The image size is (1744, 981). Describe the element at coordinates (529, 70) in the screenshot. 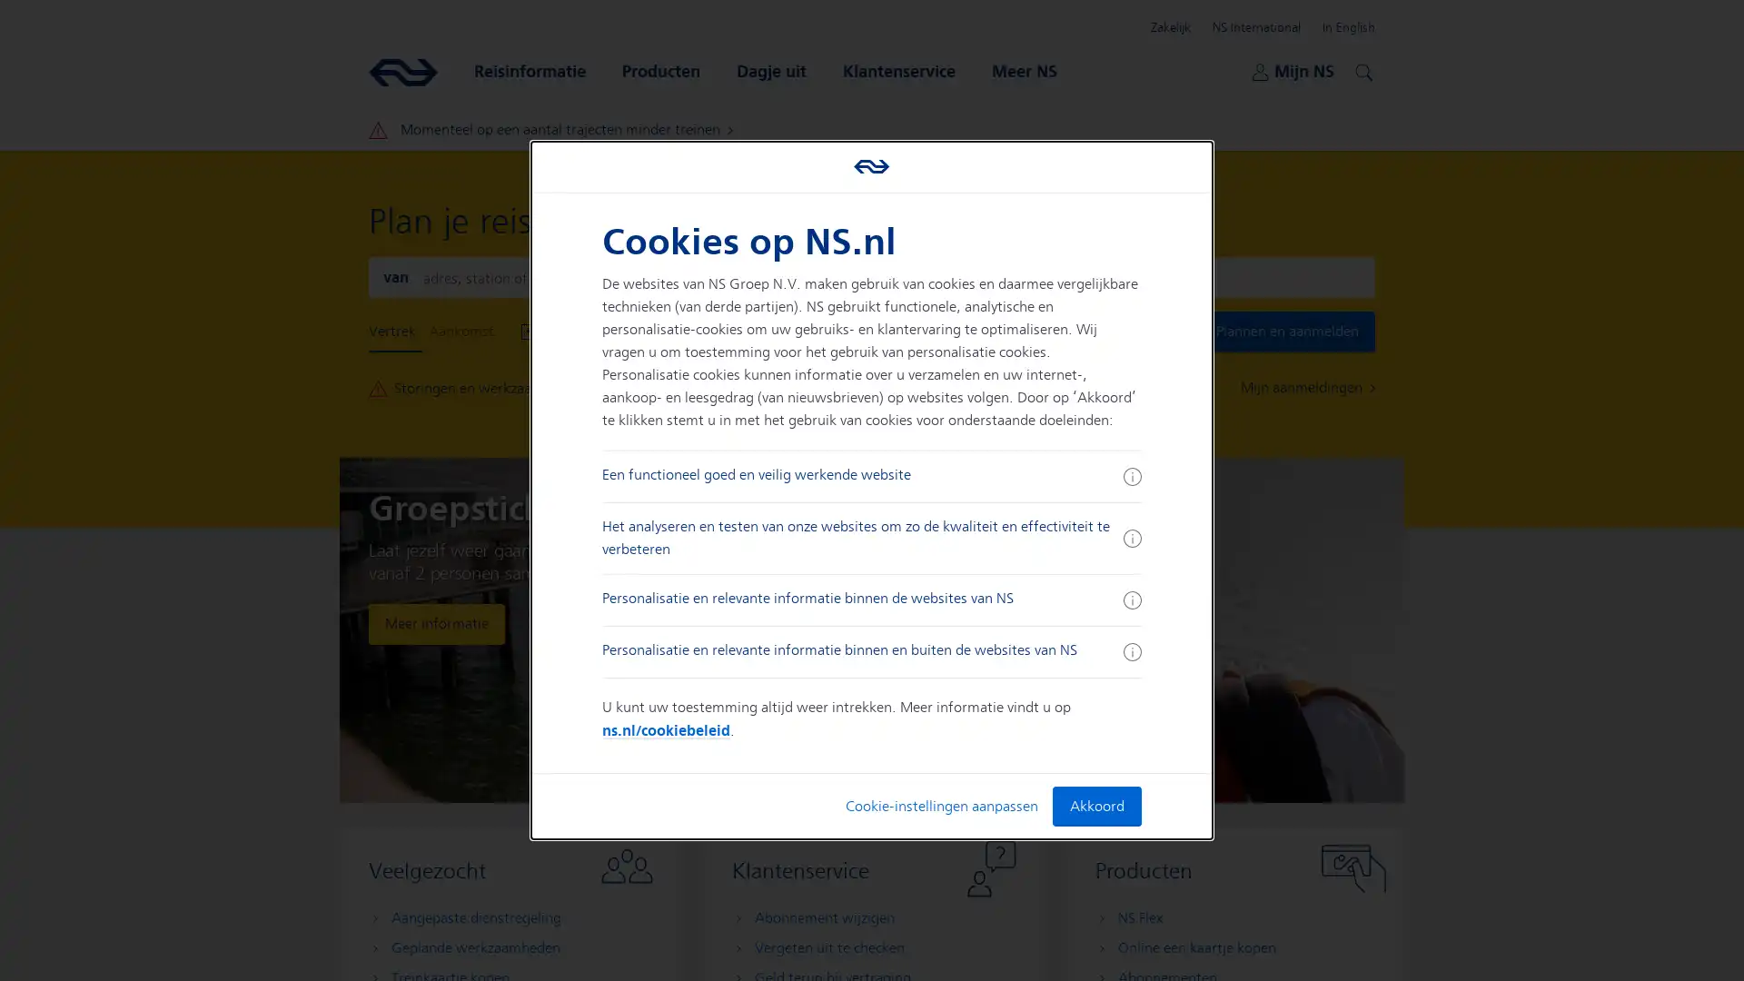

I see `Reisinformatie Open submenu` at that location.